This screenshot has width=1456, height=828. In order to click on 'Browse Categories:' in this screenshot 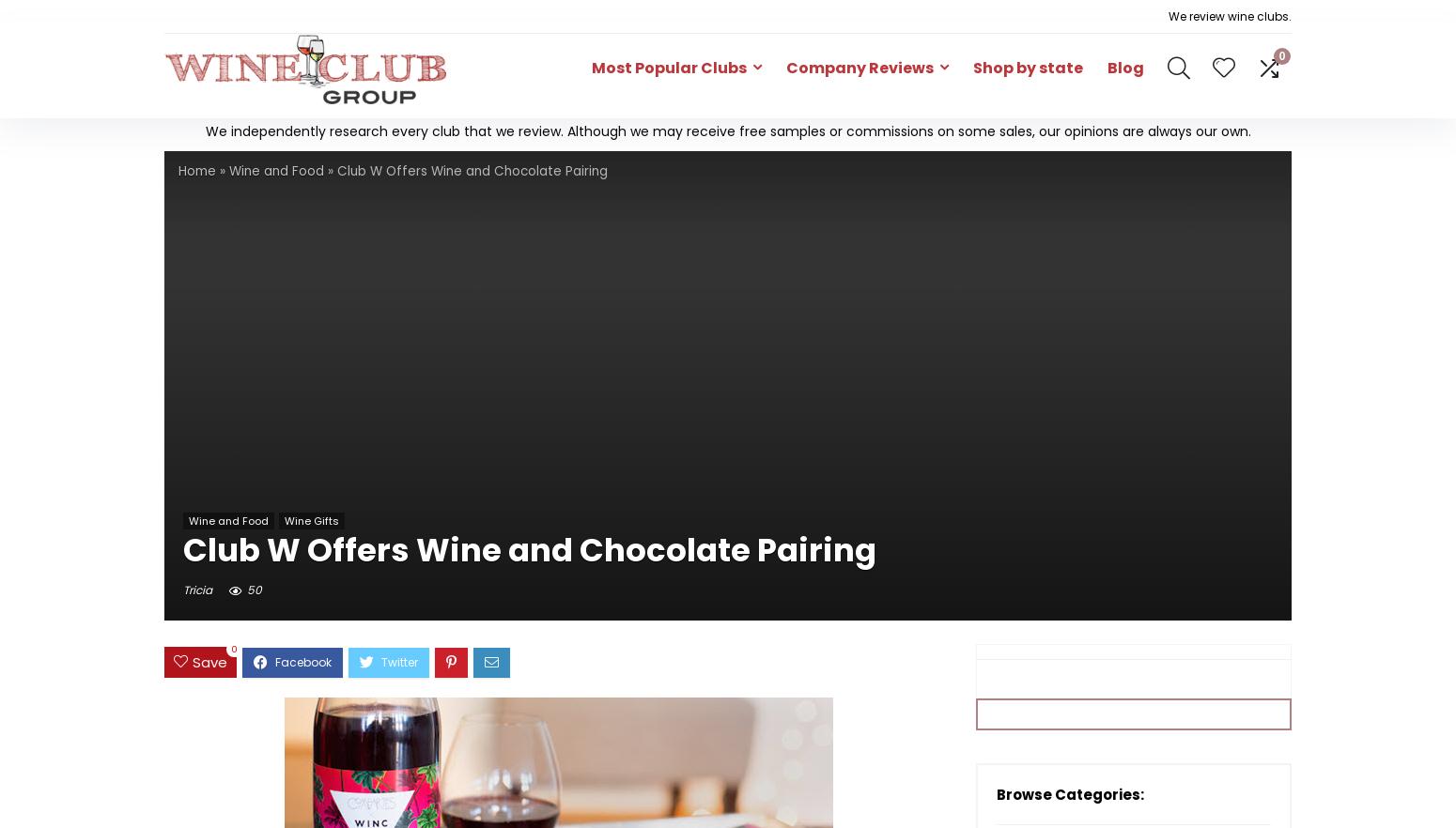, I will do `click(1069, 793)`.